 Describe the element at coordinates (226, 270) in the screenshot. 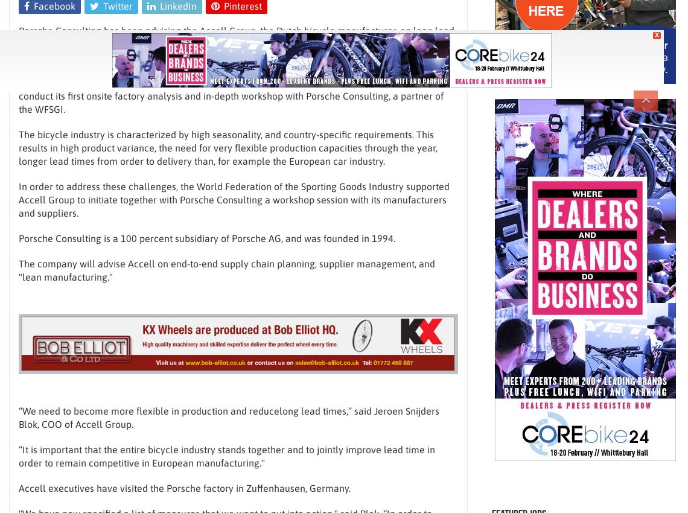

I see `'The company will advise Accell on end-to-end supply chain planning, supplier management, and "lean manufacturing."'` at that location.